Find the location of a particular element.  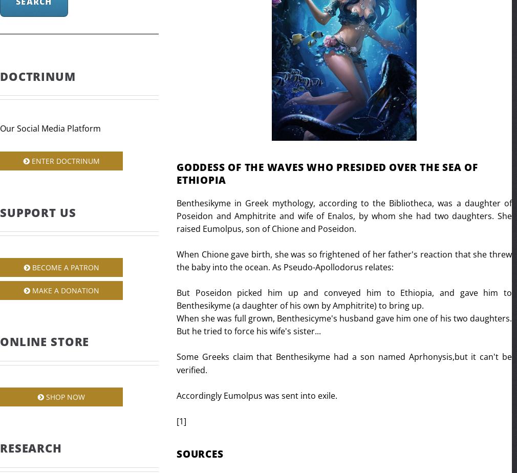

'But Poseidon picked him up and conveyed him to Ethiopia, and gave him to Benthesikyme (a daughter of his own by Amphitrite) to bring up.' is located at coordinates (343, 298).